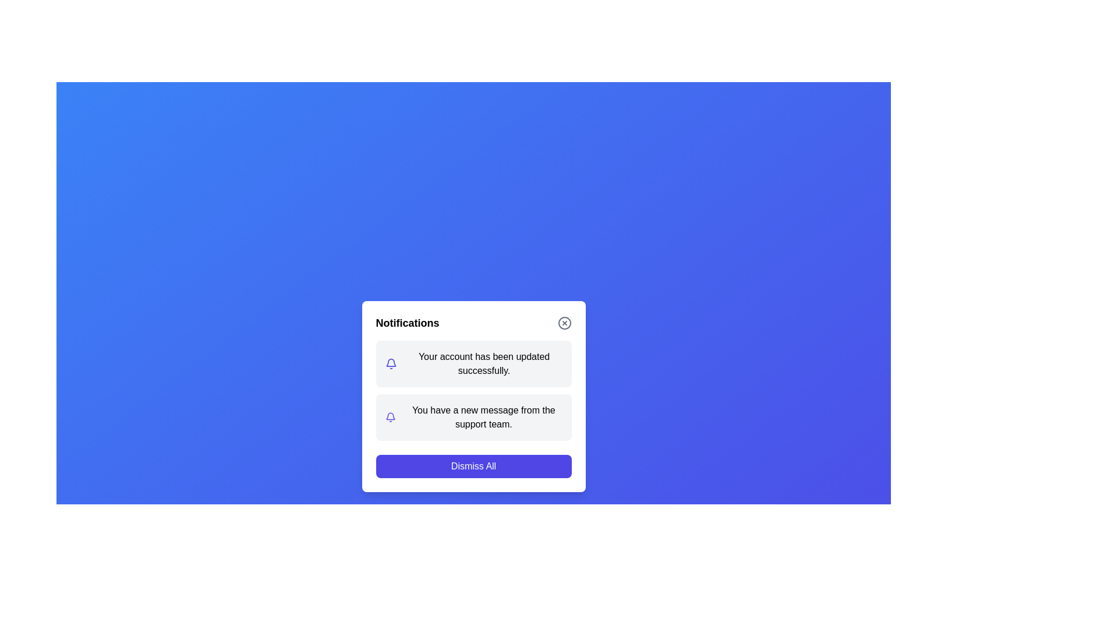  Describe the element at coordinates (473, 466) in the screenshot. I see `the dismiss button located at the bottom of the pop-up notification panel` at that location.